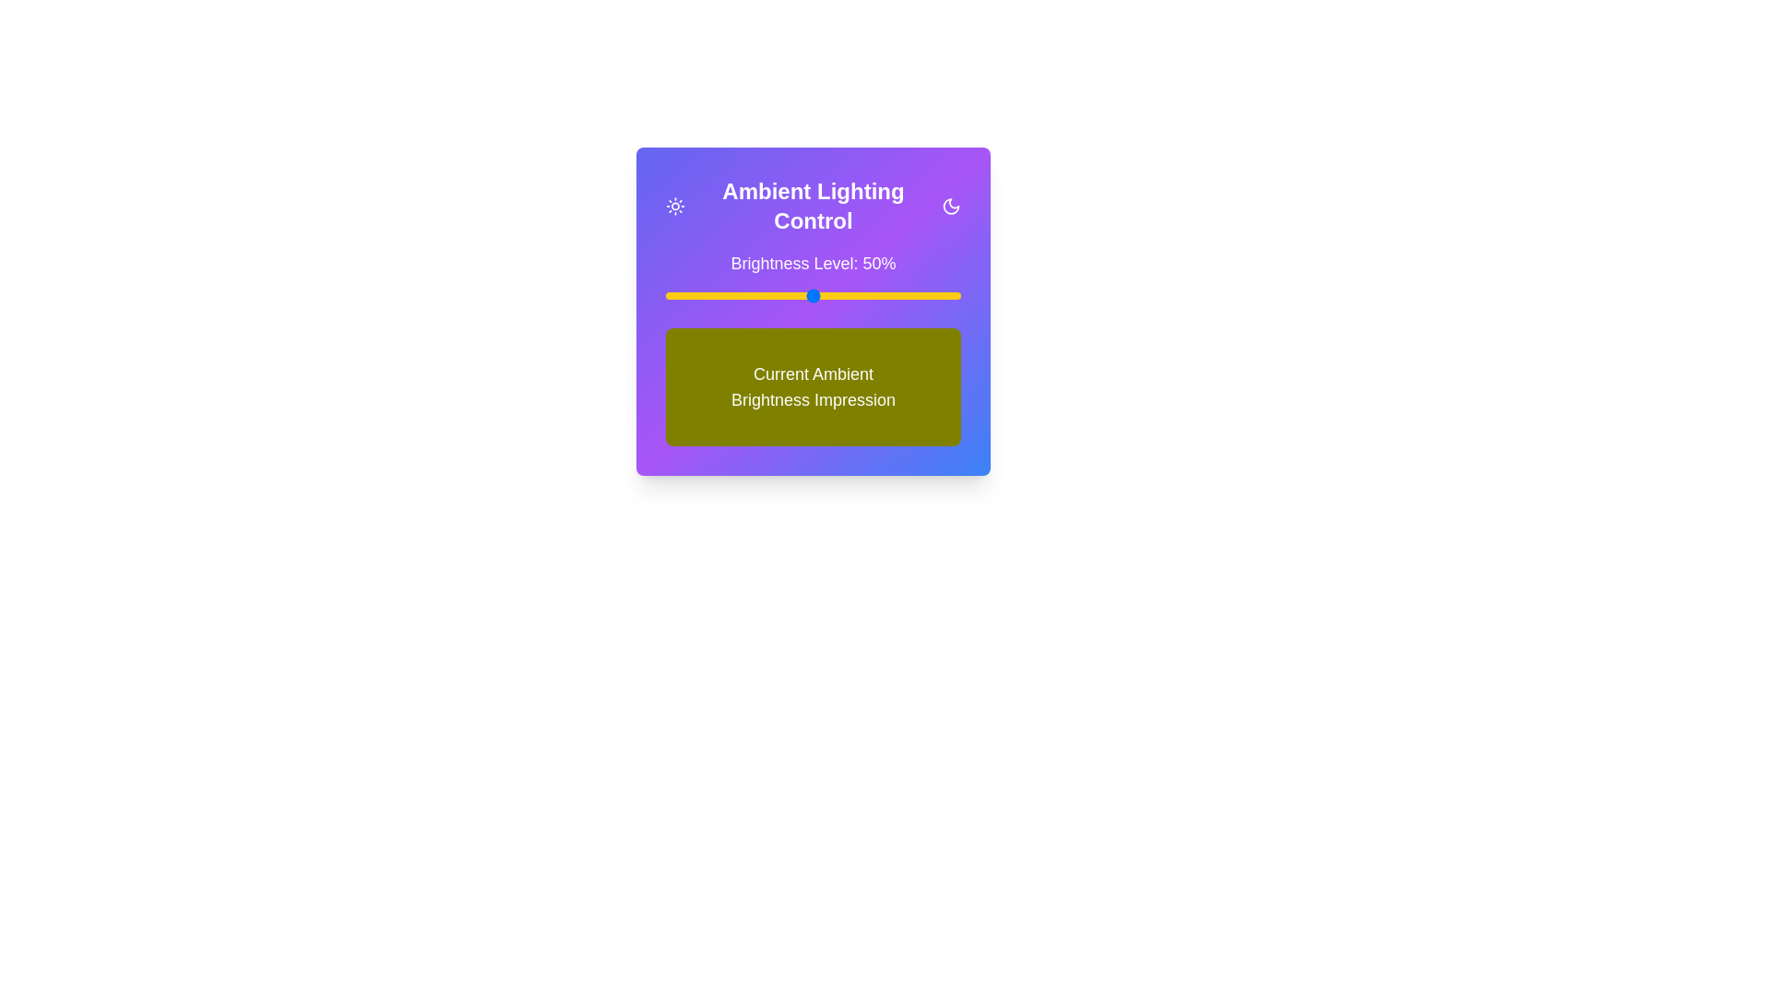  What do you see at coordinates (798, 294) in the screenshot?
I see `the brightness level to 45% by moving the slider` at bounding box center [798, 294].